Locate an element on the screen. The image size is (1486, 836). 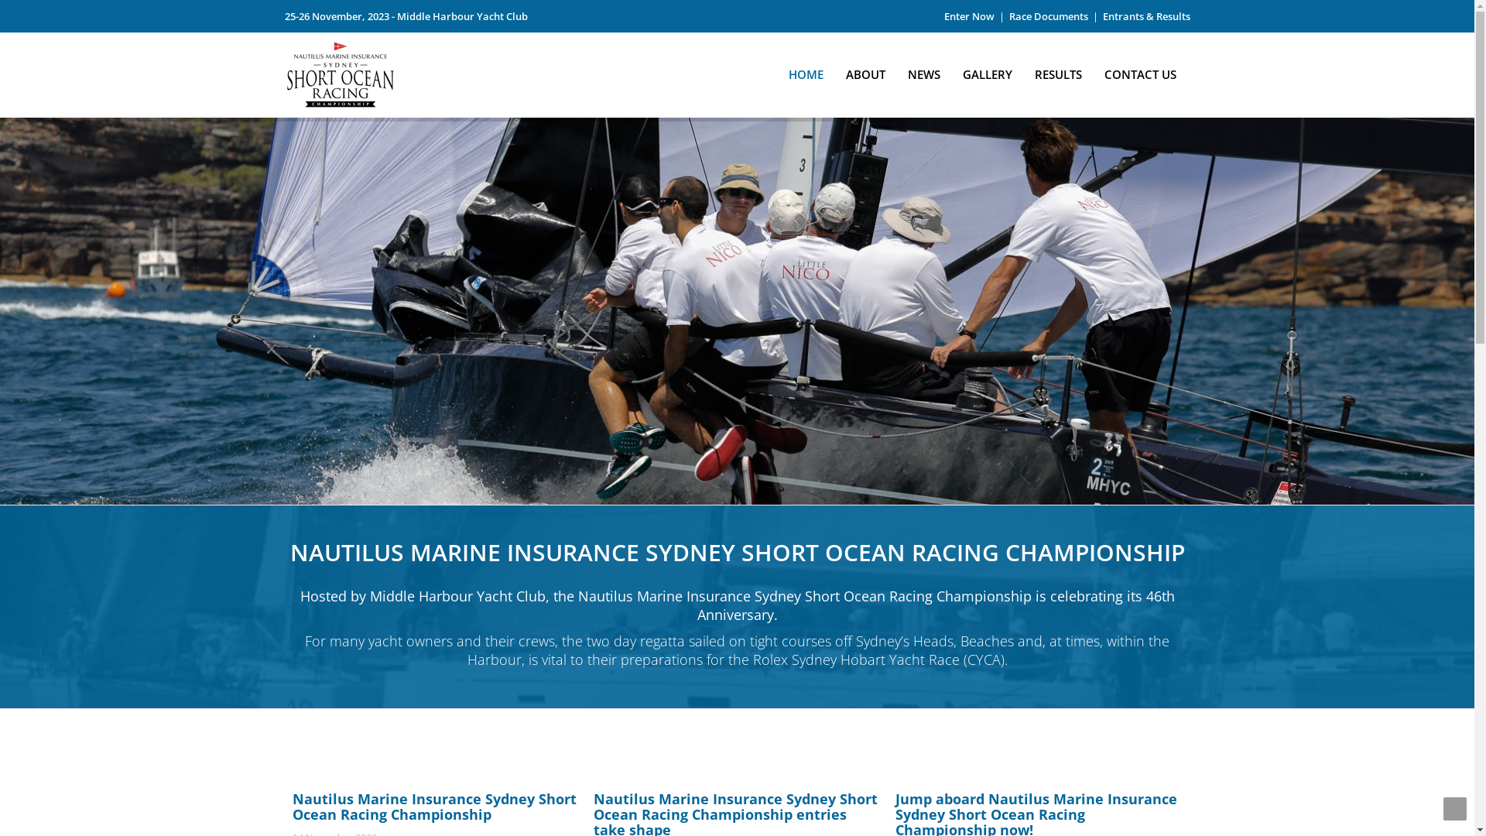
'Race Documents' is located at coordinates (1048, 15).